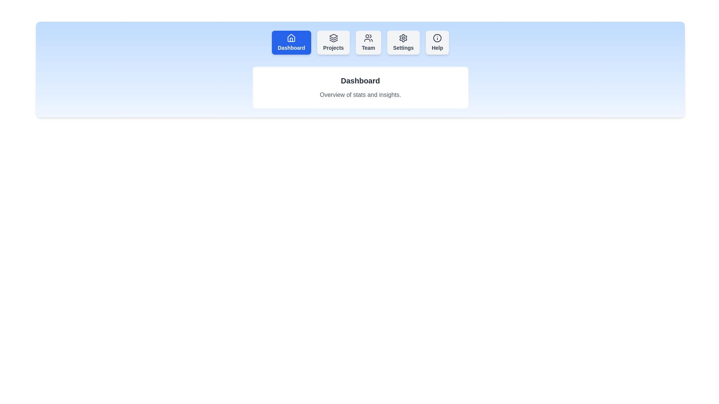  Describe the element at coordinates (368, 43) in the screenshot. I see `the tab button labeled Team` at that location.